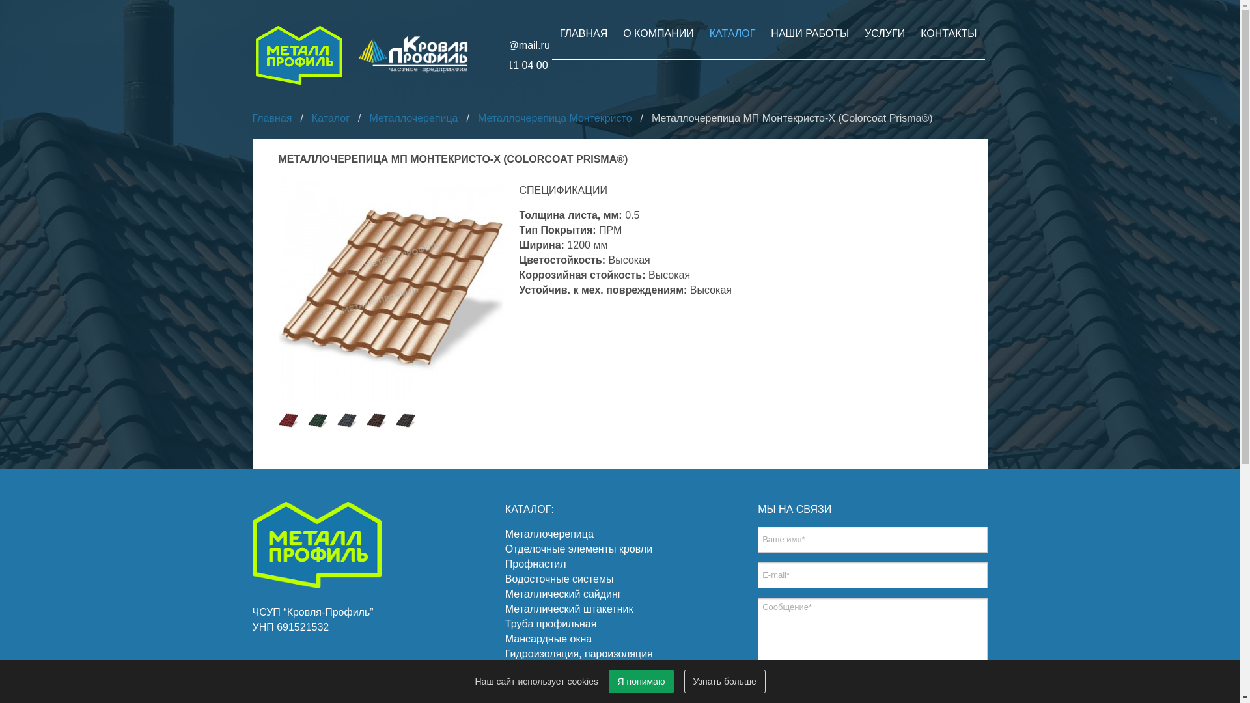 The height and width of the screenshot is (703, 1250). I want to click on ' +375 44 711 04 00', so click(491, 65).